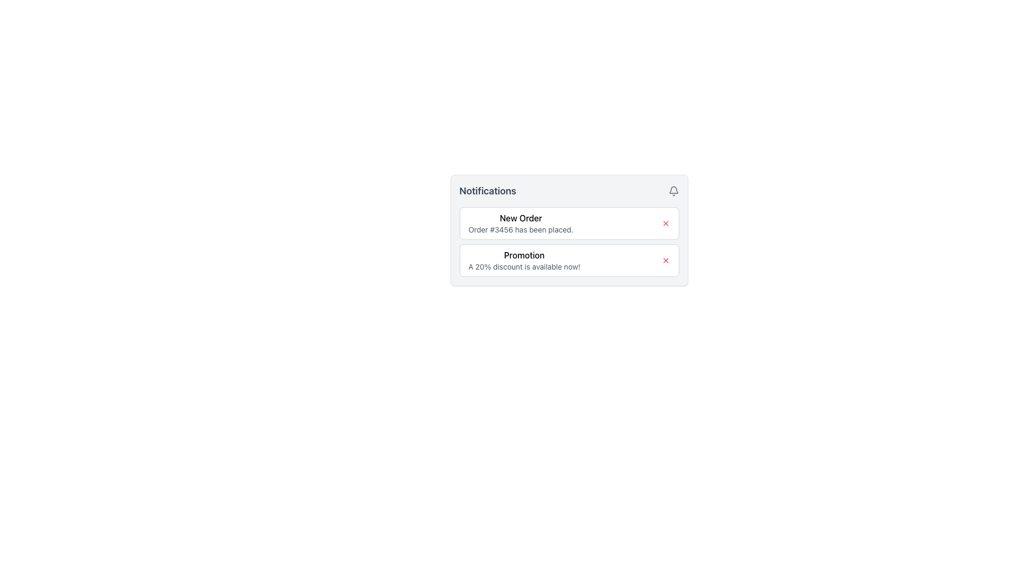 The image size is (1018, 572). I want to click on the outlined bell icon located in the top-right corner of the 'Notifications' section header, next to the 'Notifications' text, so click(673, 191).